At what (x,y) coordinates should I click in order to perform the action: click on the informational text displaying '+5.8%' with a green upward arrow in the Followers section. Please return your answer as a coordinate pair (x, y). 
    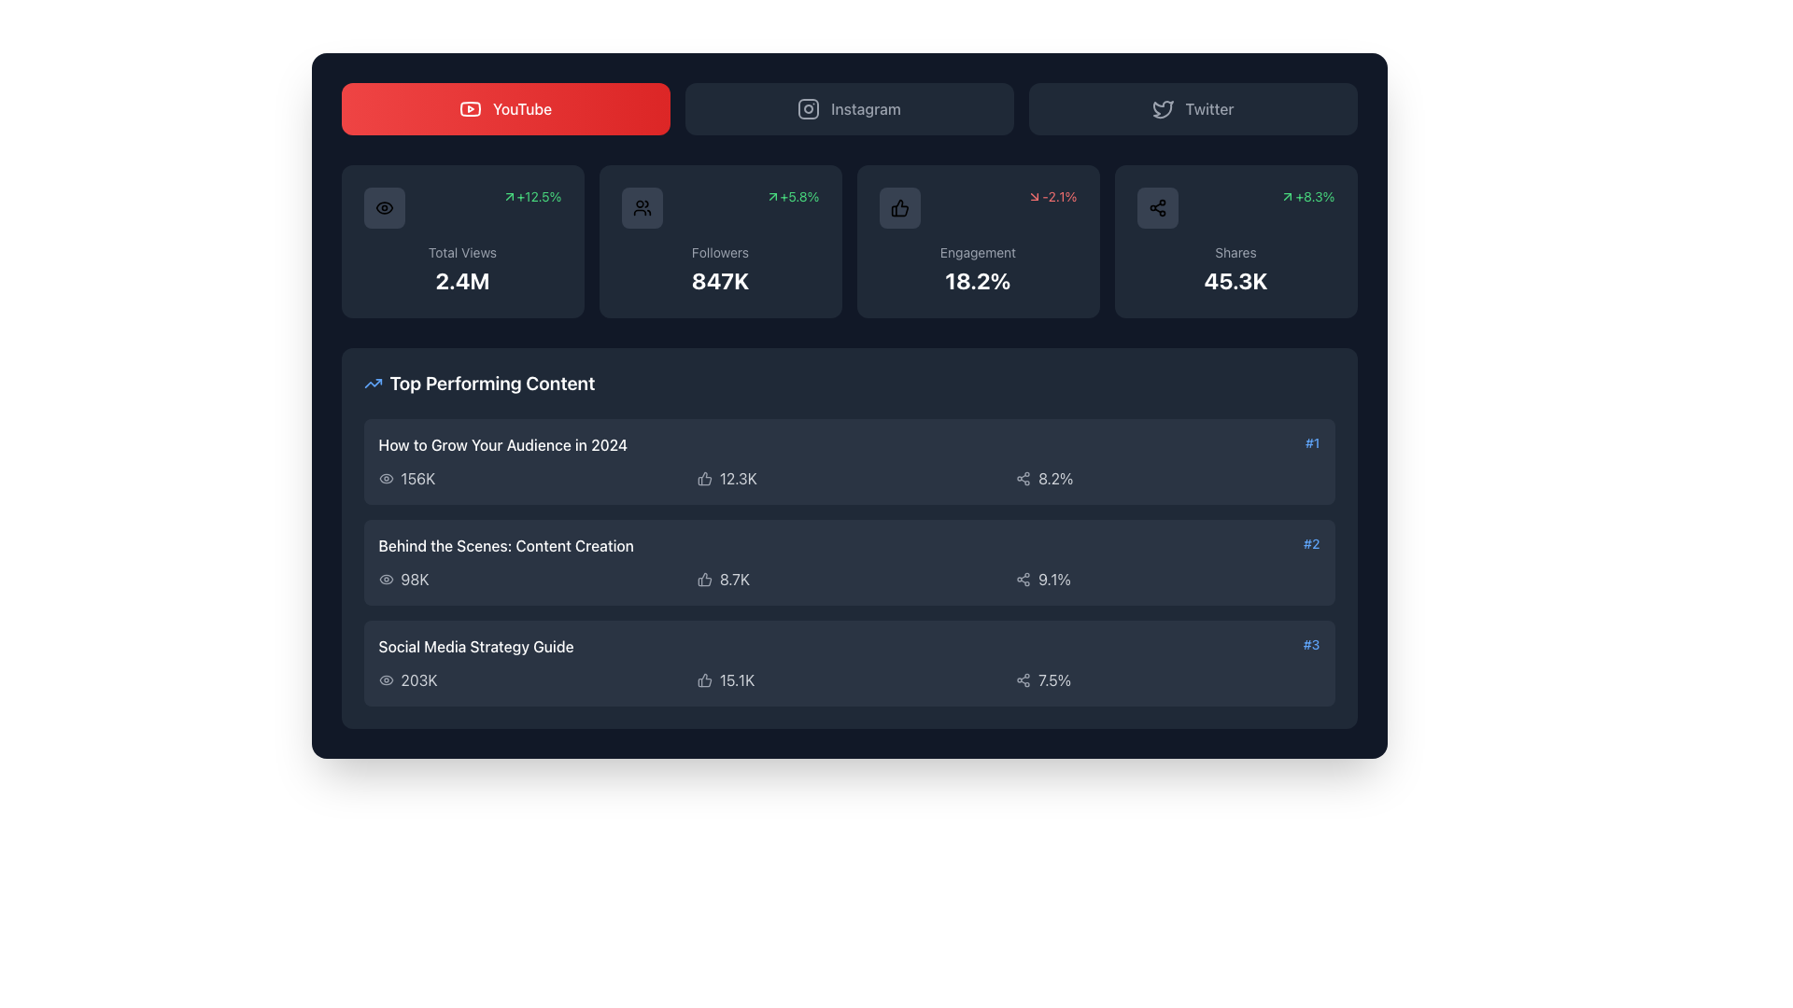
    Looking at the image, I should click on (792, 197).